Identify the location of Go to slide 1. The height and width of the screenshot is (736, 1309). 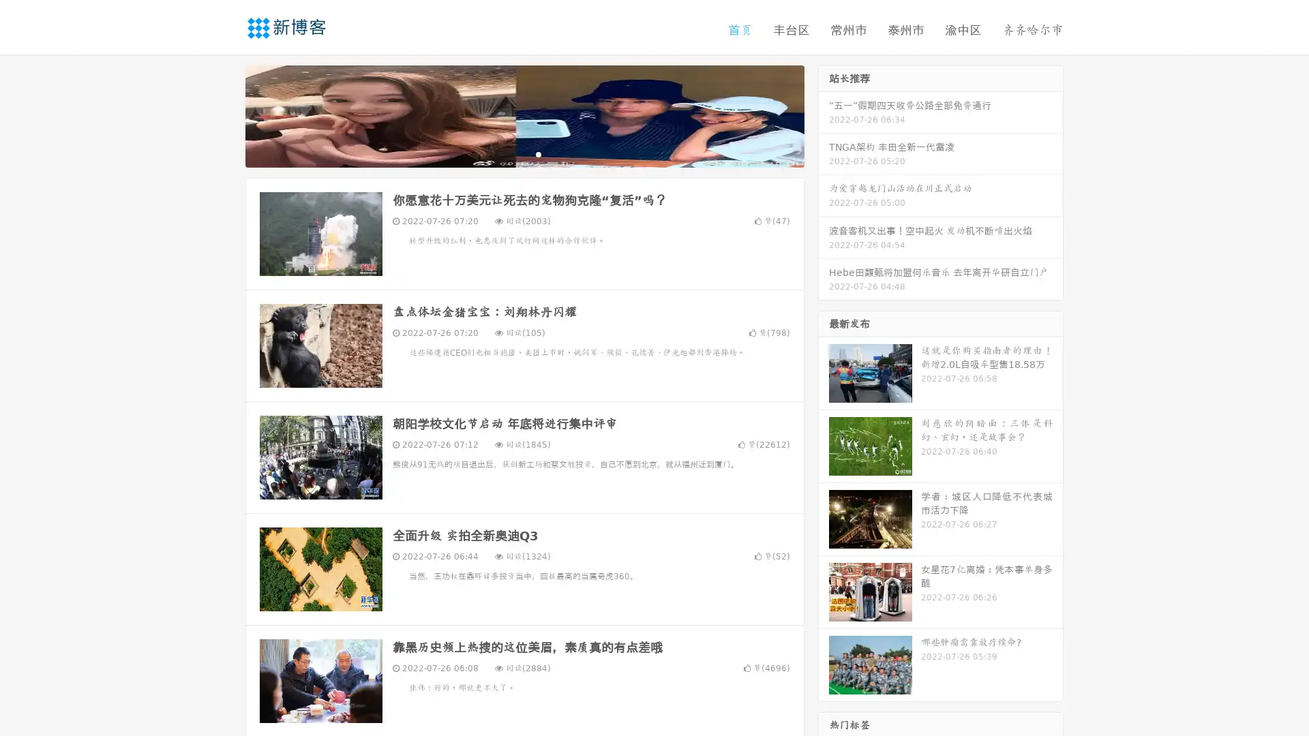
(510, 153).